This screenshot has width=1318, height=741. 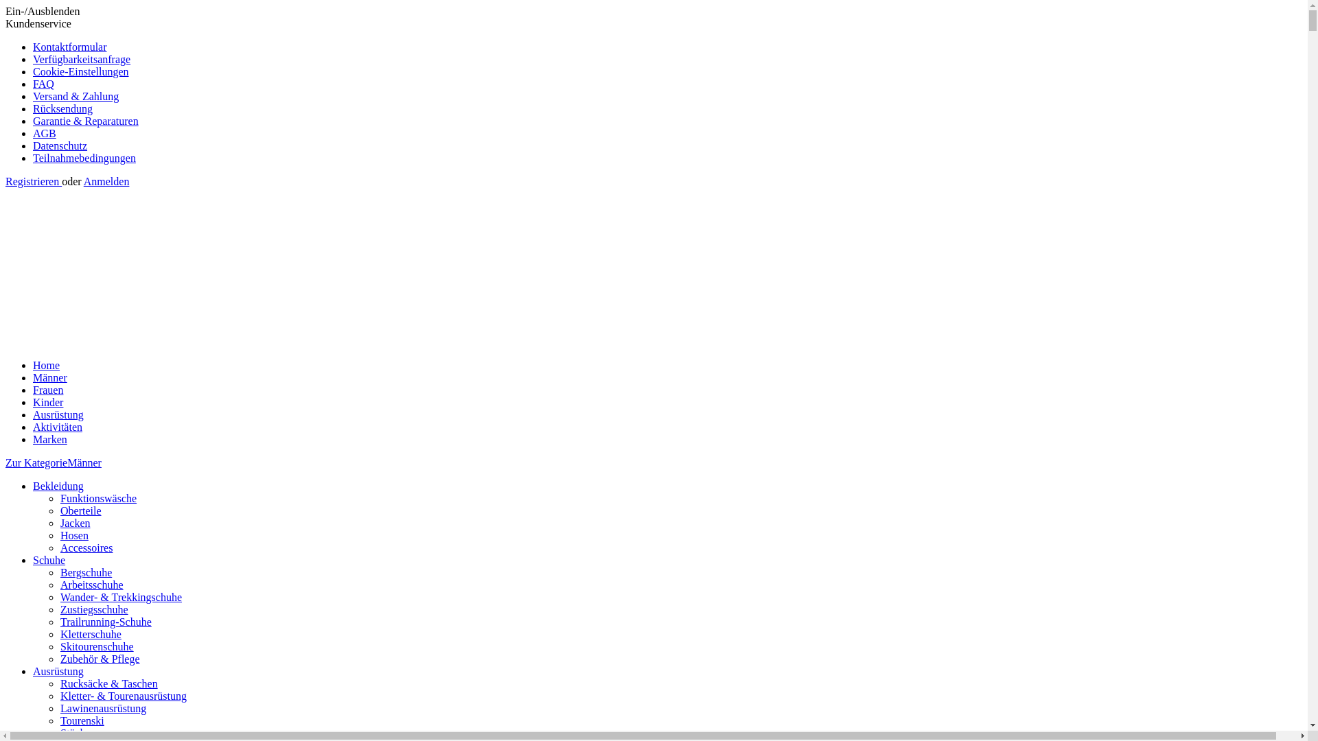 I want to click on 'AGB', so click(x=45, y=133).